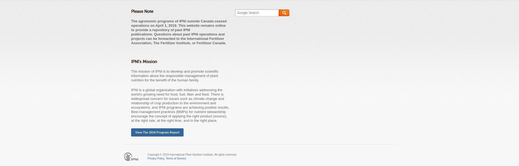 This screenshot has height=166, width=519. Describe the element at coordinates (131, 11) in the screenshot. I see `'Please Note'` at that location.